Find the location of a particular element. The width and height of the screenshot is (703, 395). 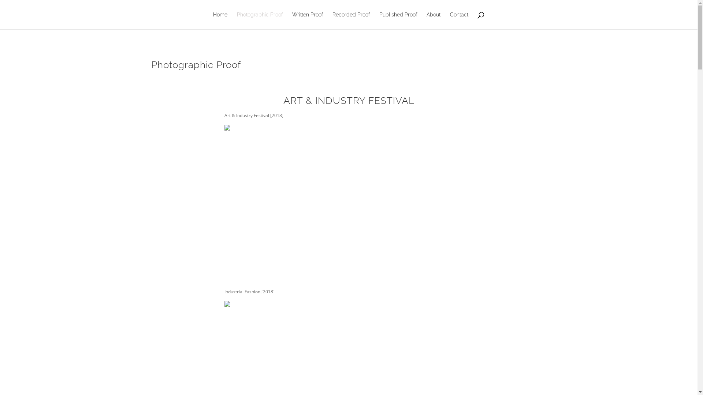

'Home' is located at coordinates (220, 20).